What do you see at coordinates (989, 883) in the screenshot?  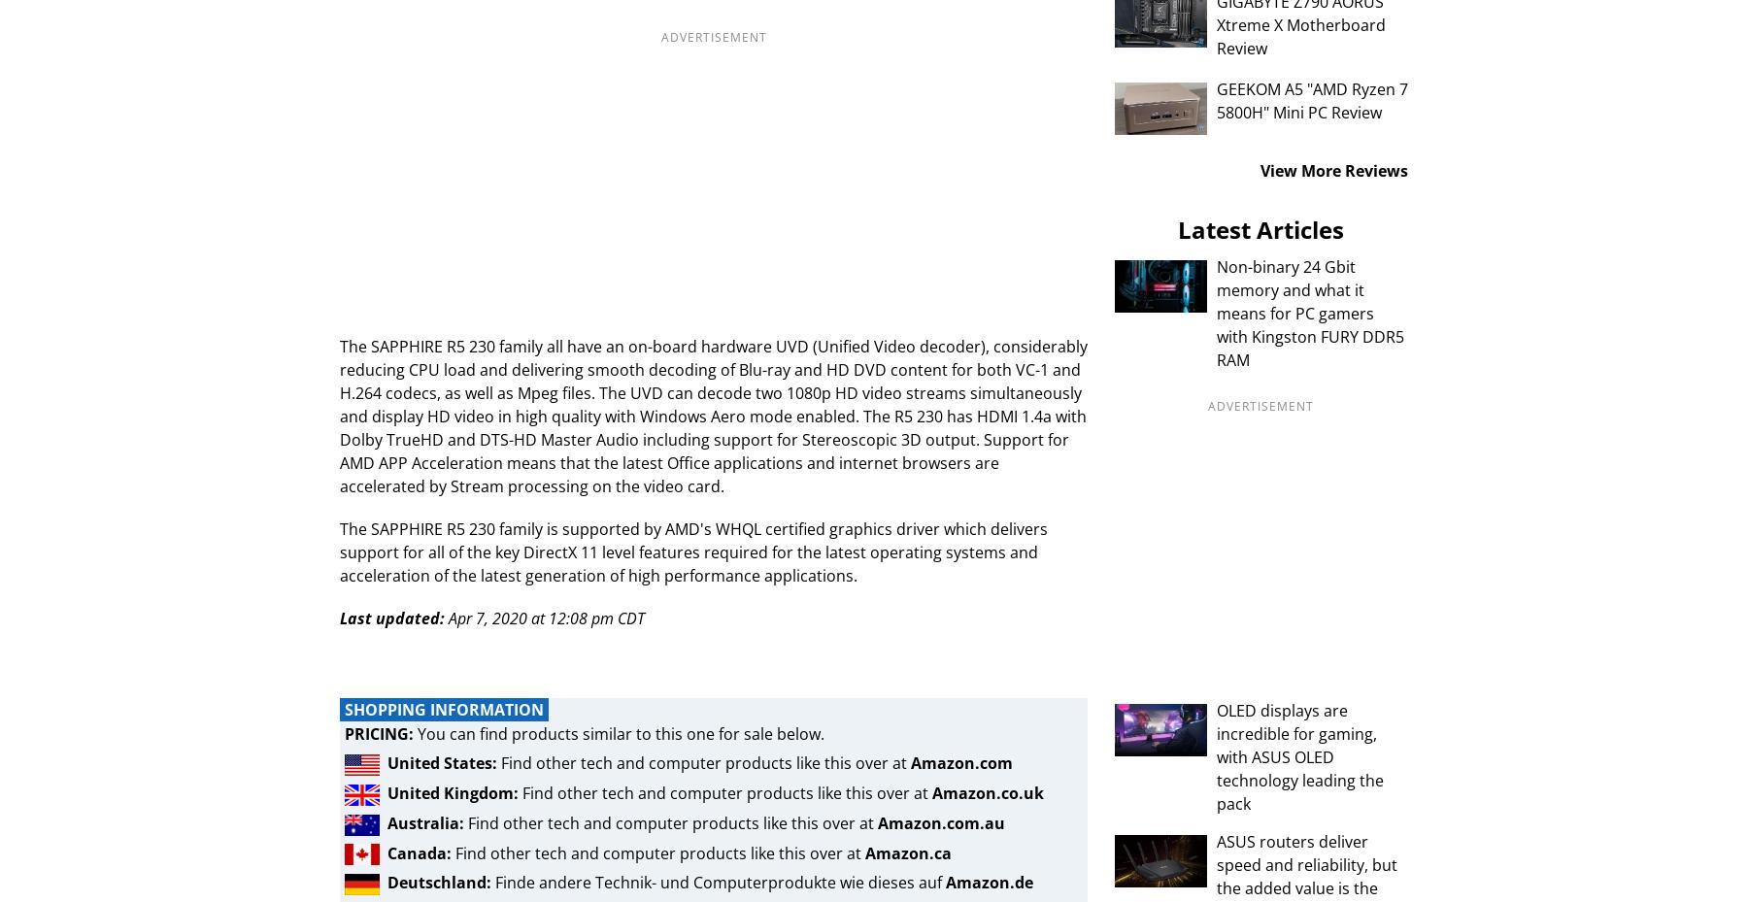 I see `'Amazon.de'` at bounding box center [989, 883].